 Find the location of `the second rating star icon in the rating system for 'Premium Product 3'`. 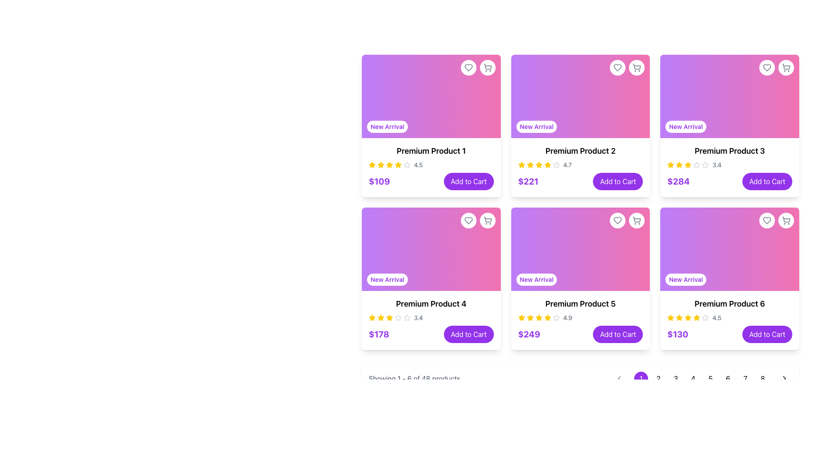

the second rating star icon in the rating system for 'Premium Product 3' is located at coordinates (688, 165).